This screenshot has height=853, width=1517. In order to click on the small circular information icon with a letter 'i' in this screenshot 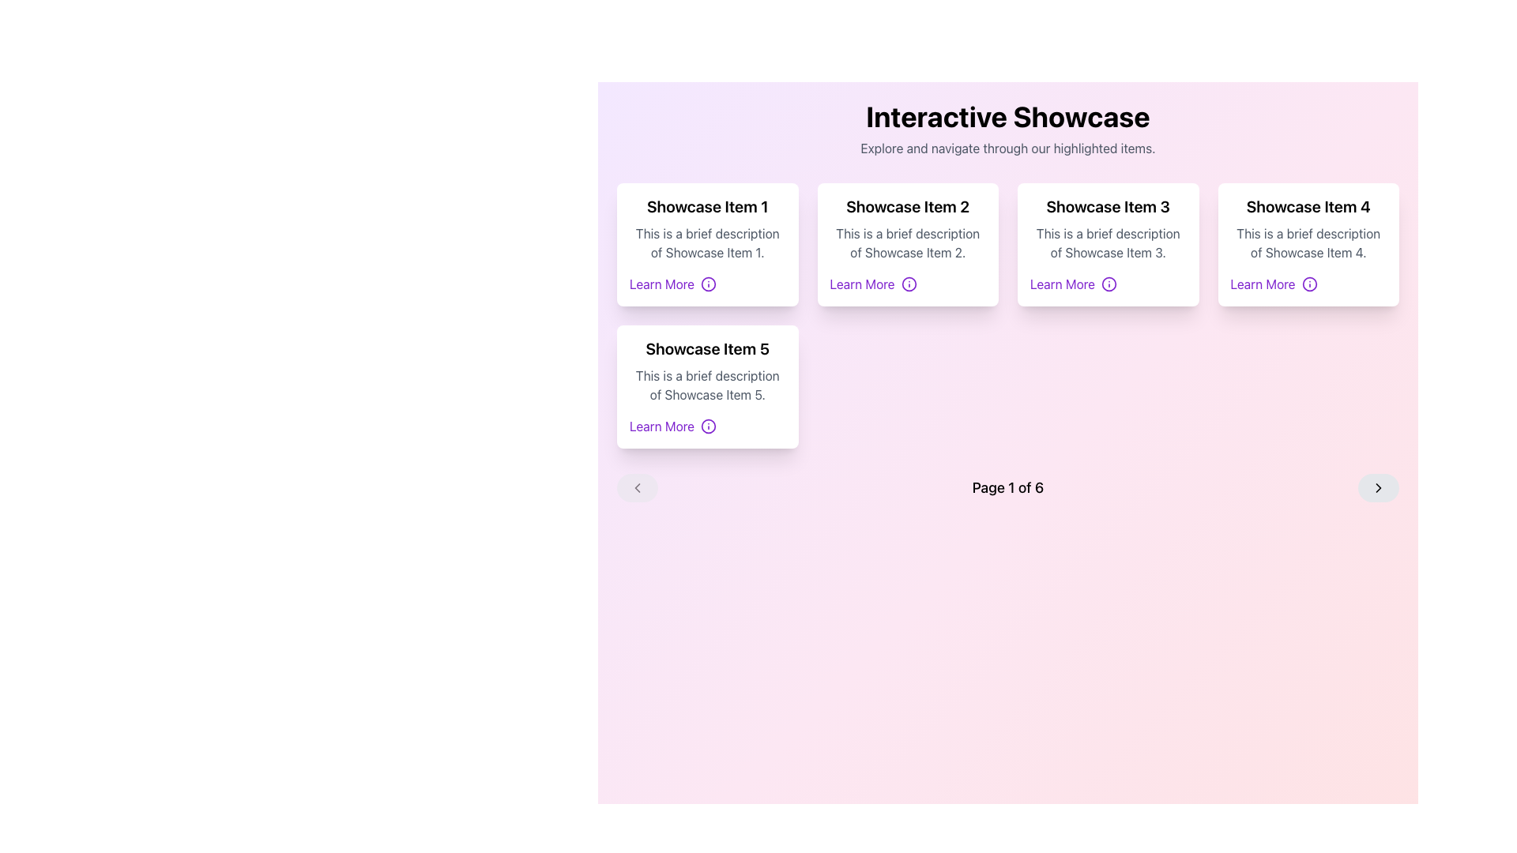, I will do `click(708, 426)`.